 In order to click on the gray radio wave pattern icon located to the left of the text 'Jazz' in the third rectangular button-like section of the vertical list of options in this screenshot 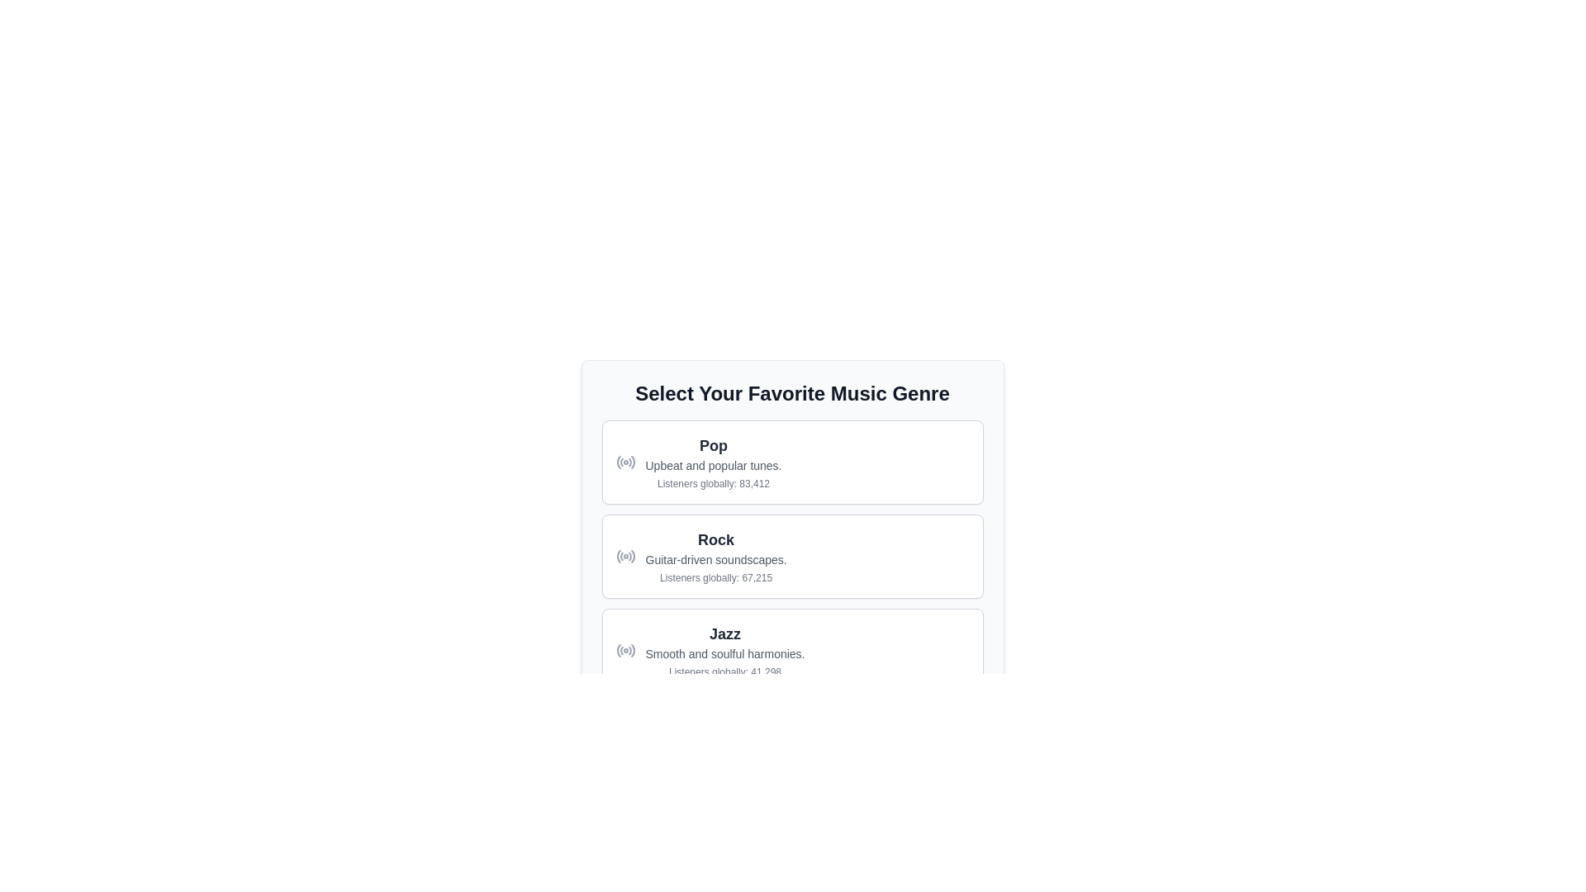, I will do `click(624, 649)`.